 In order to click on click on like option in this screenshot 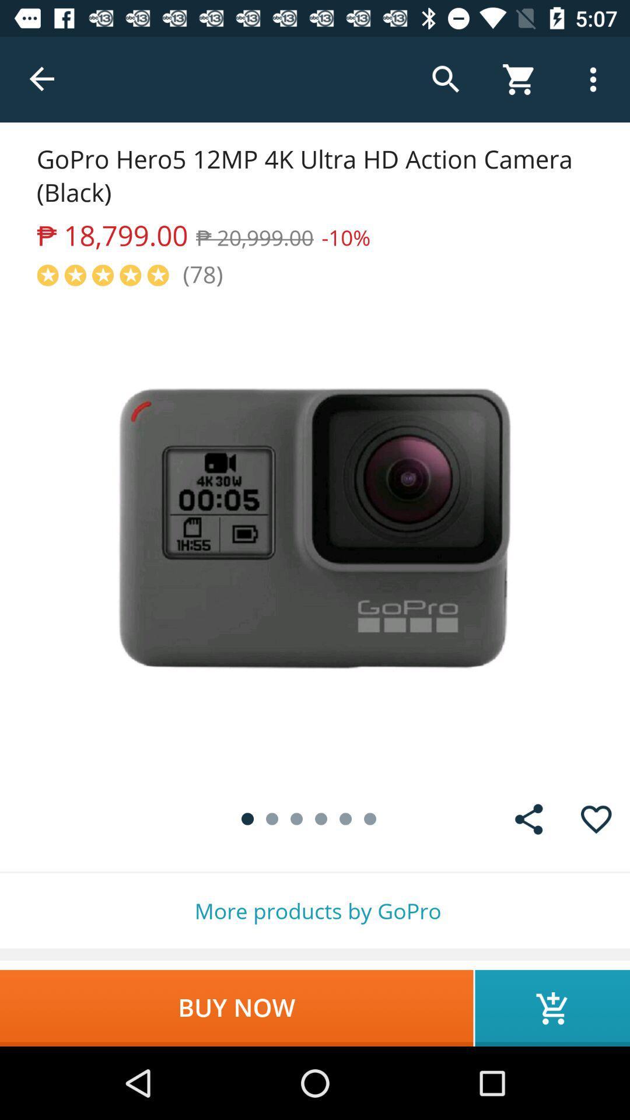, I will do `click(596, 818)`.